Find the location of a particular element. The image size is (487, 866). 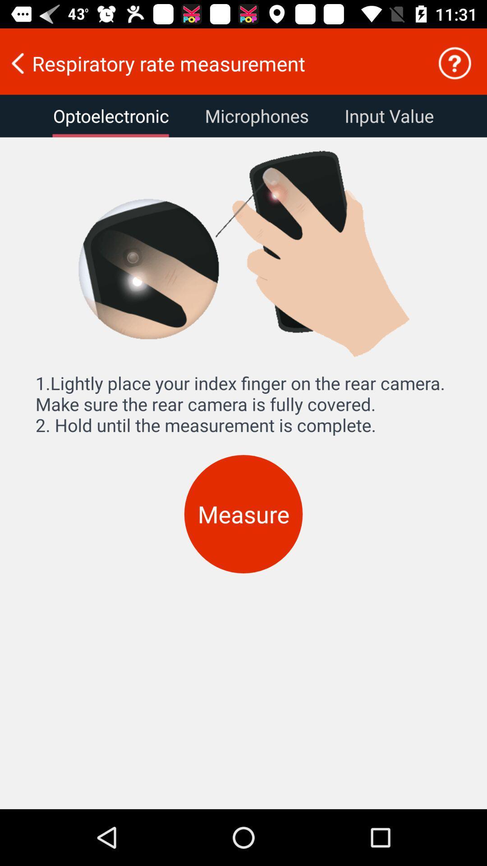

item below 1 lightly place icon is located at coordinates (243, 514).